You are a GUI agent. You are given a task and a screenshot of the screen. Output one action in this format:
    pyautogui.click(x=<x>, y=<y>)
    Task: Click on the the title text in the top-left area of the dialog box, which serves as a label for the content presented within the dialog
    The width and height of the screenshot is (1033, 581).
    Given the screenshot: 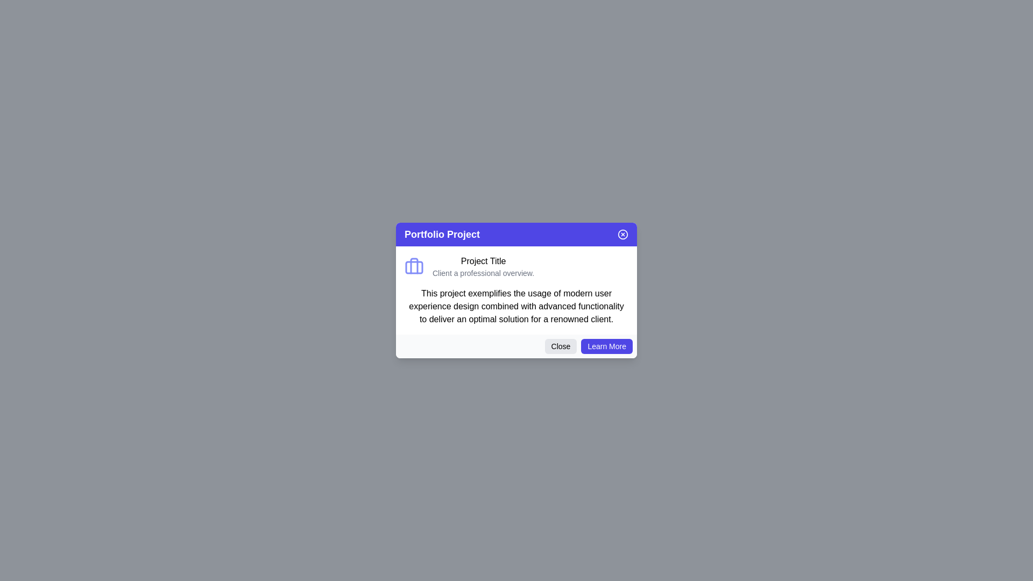 What is the action you would take?
    pyautogui.click(x=442, y=233)
    